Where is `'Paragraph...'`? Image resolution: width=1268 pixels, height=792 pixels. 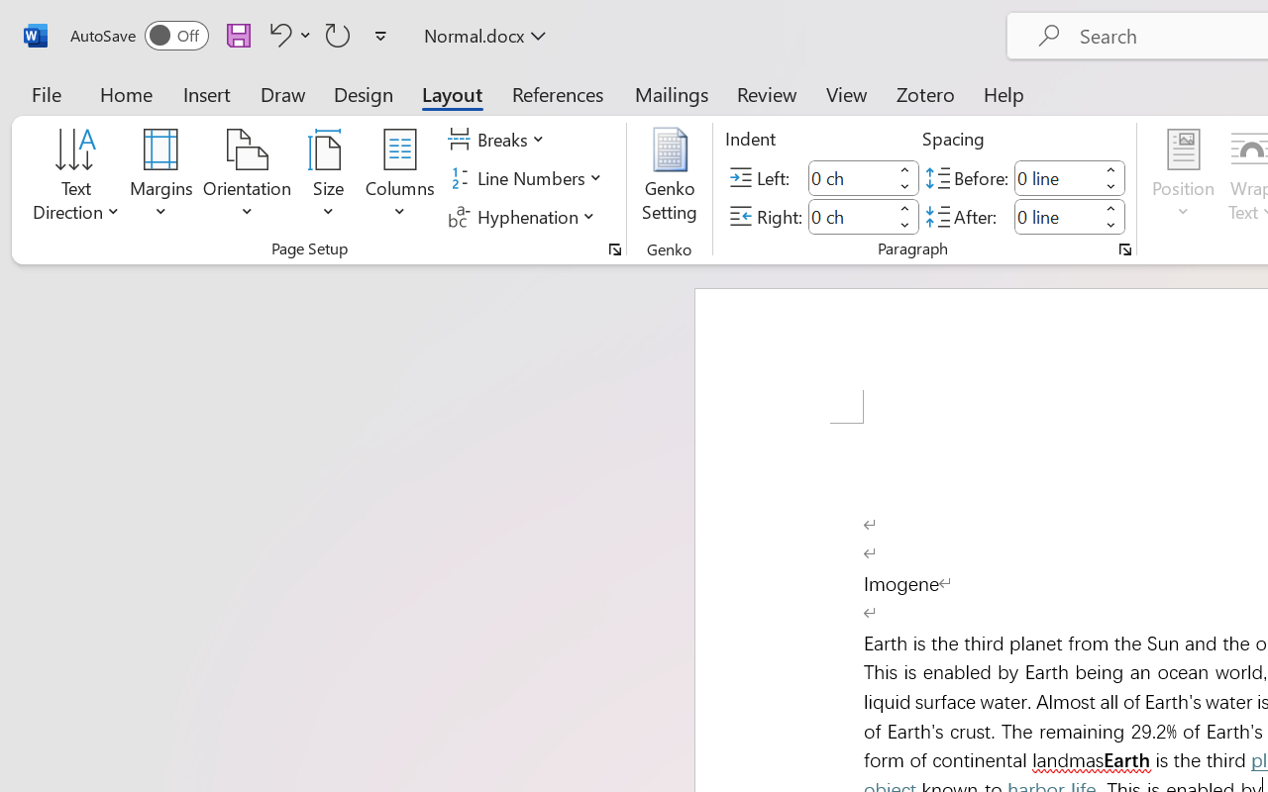 'Paragraph...' is located at coordinates (1125, 248).